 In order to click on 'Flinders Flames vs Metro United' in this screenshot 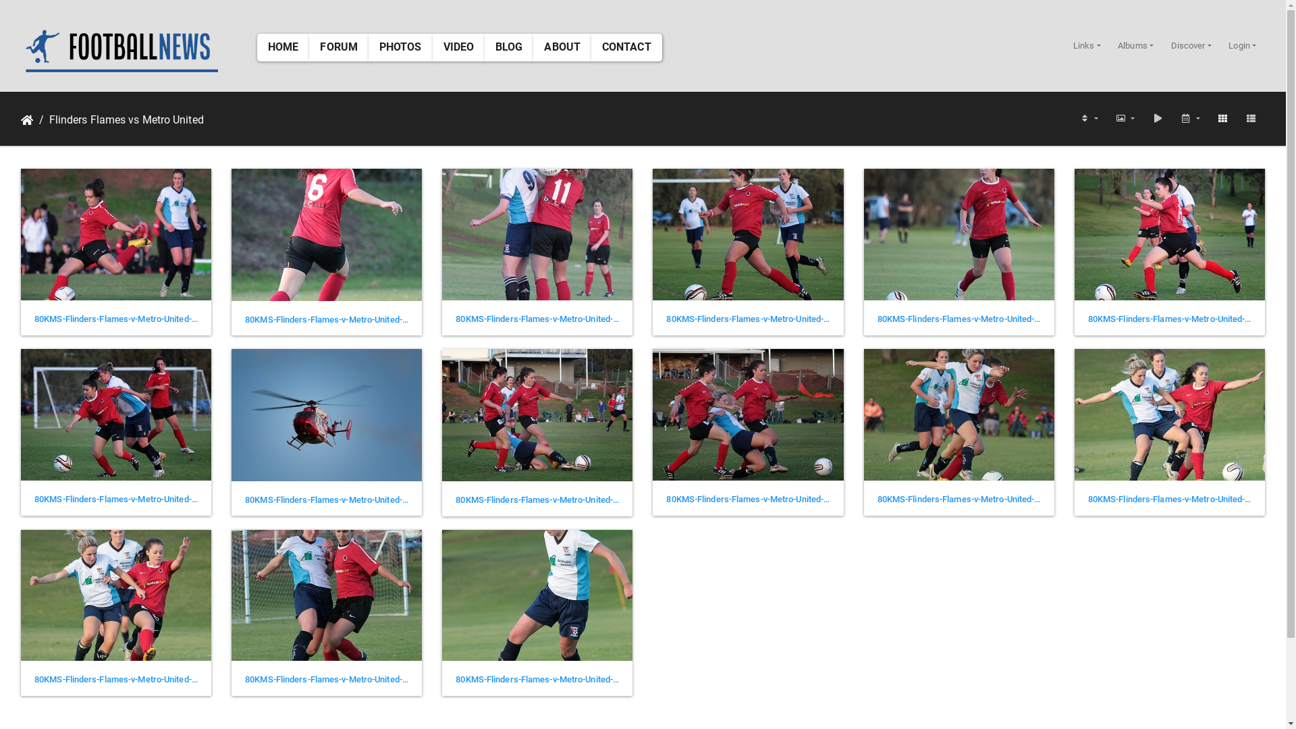, I will do `click(119, 119)`.